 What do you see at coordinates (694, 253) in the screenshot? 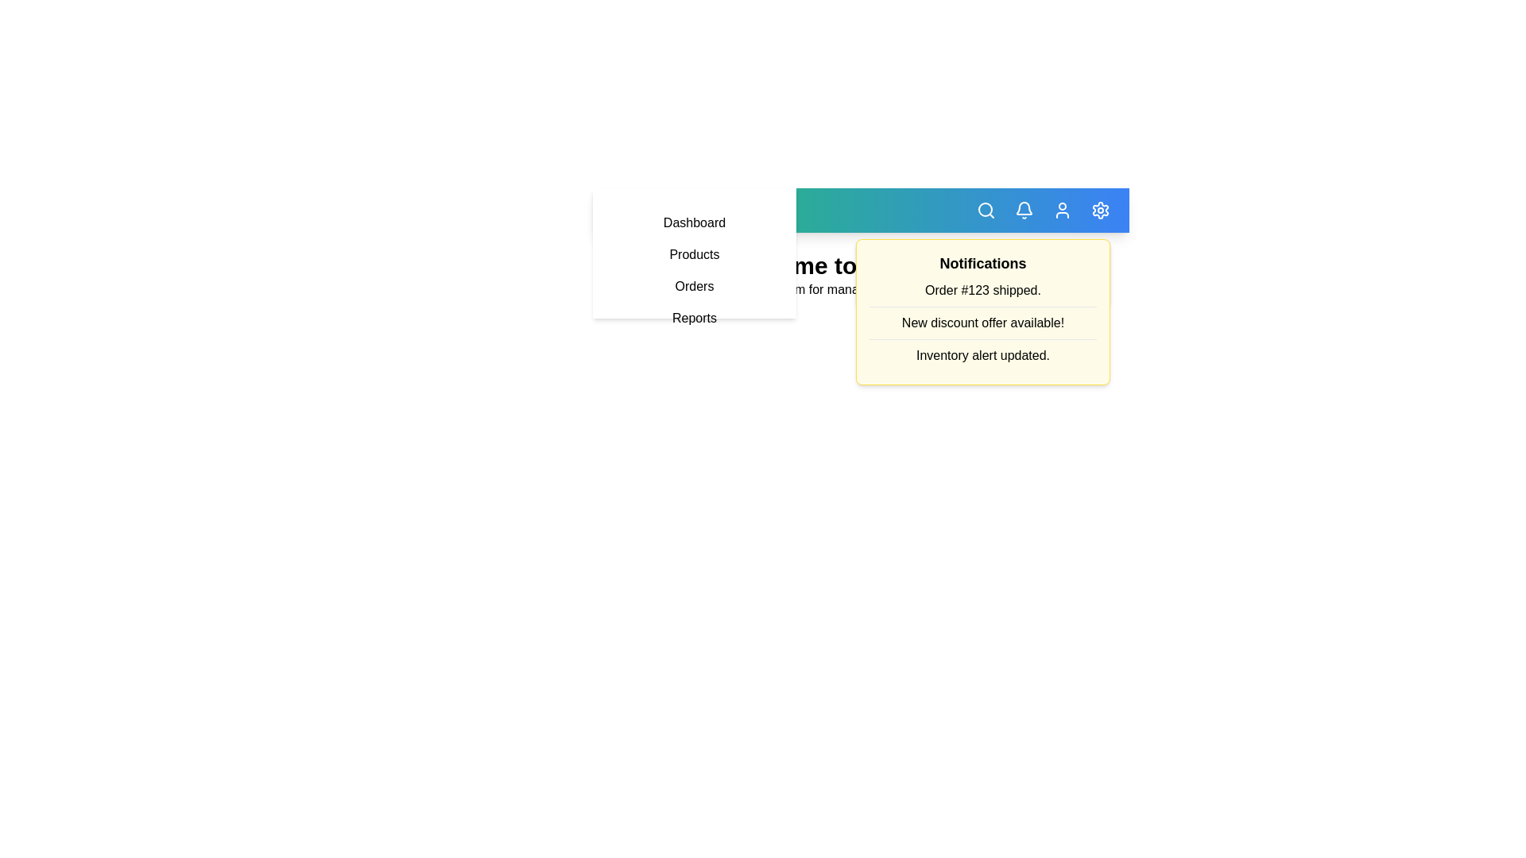
I see `the 'Products' menu item, which is the second option in the sidebar menu, located directly beneath 'Dashboard' and above 'Orders'` at bounding box center [694, 253].